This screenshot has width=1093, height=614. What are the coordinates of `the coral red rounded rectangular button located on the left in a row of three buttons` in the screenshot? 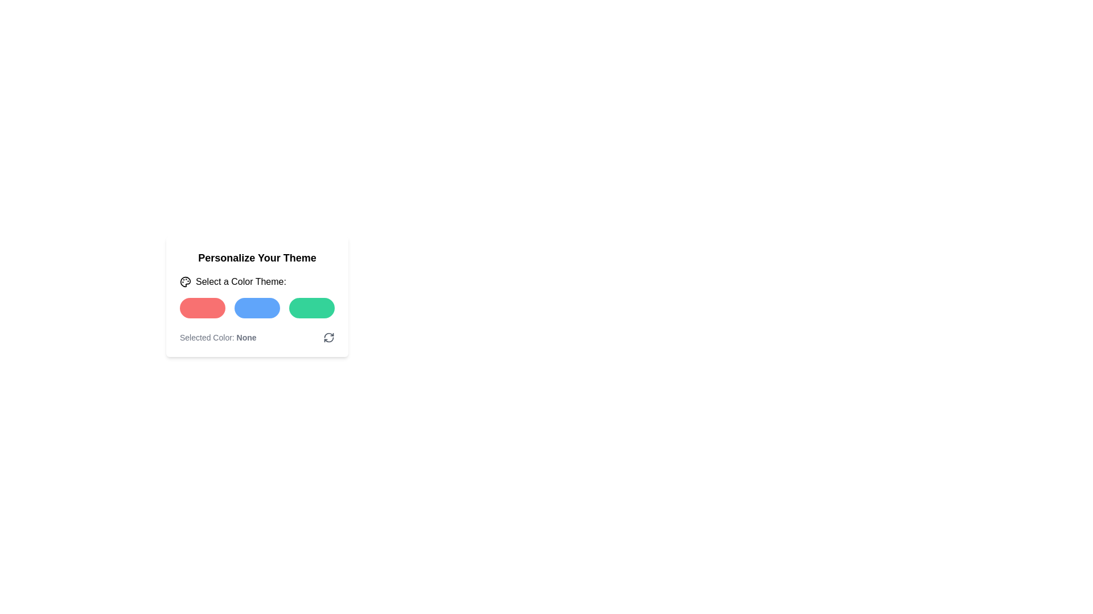 It's located at (202, 308).